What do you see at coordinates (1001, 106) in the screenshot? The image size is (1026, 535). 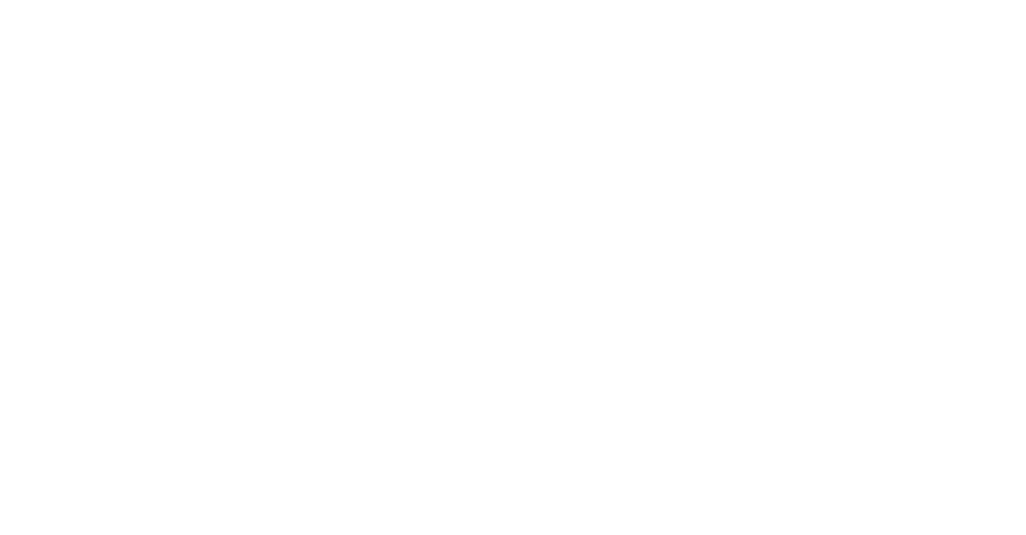 I see `'Sachsen'` at bounding box center [1001, 106].